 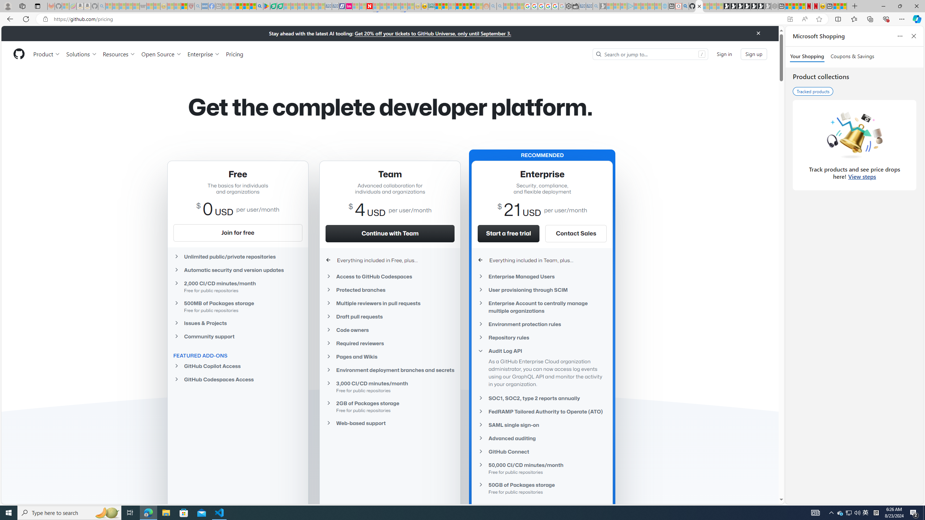 I want to click on 'App available. Install GitHub', so click(x=790, y=19).